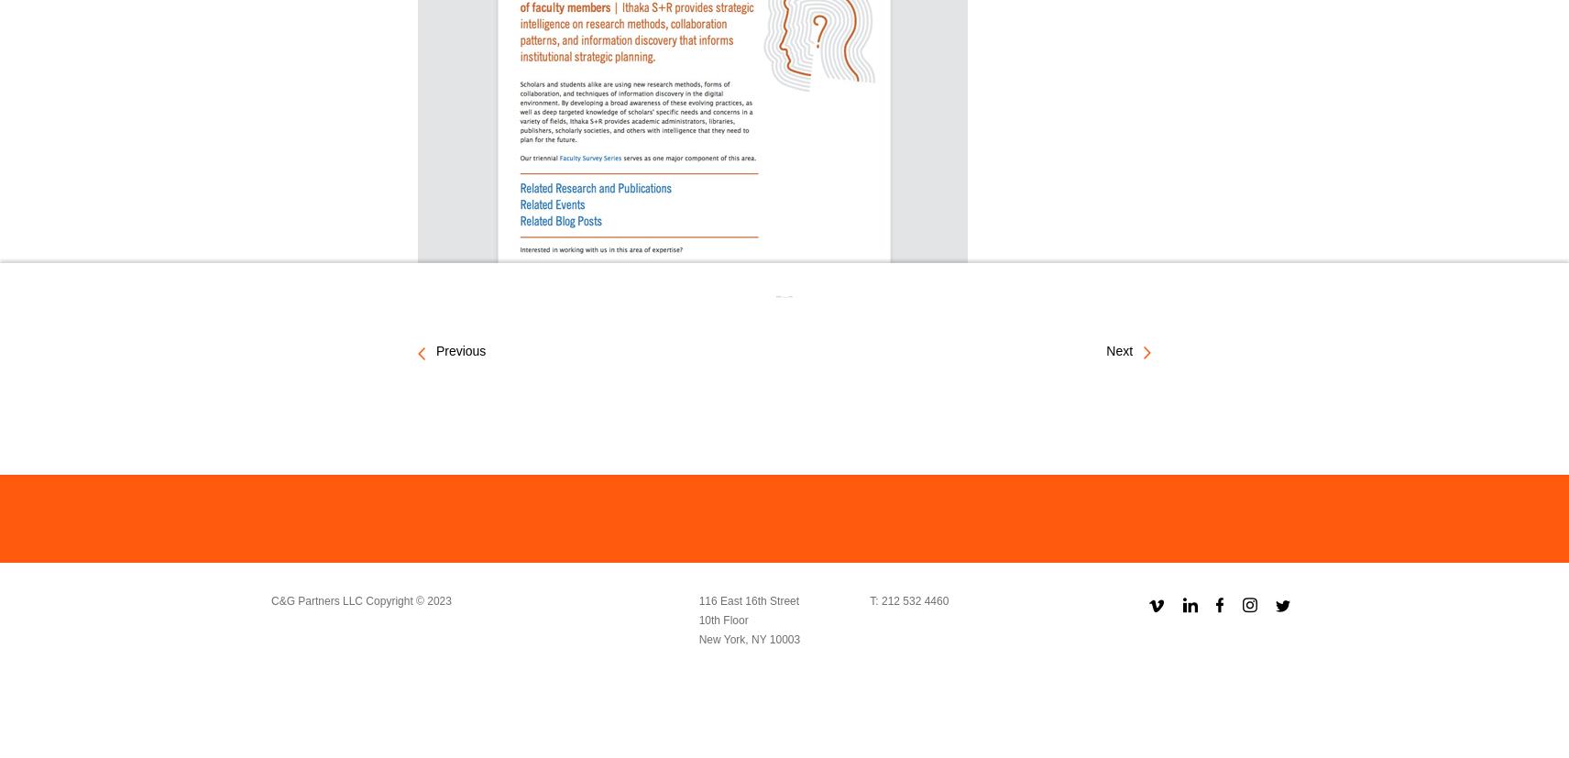 The image size is (1569, 758). Describe the element at coordinates (360, 600) in the screenshot. I see `'C&G Partners LLC Copyright © 2023'` at that location.